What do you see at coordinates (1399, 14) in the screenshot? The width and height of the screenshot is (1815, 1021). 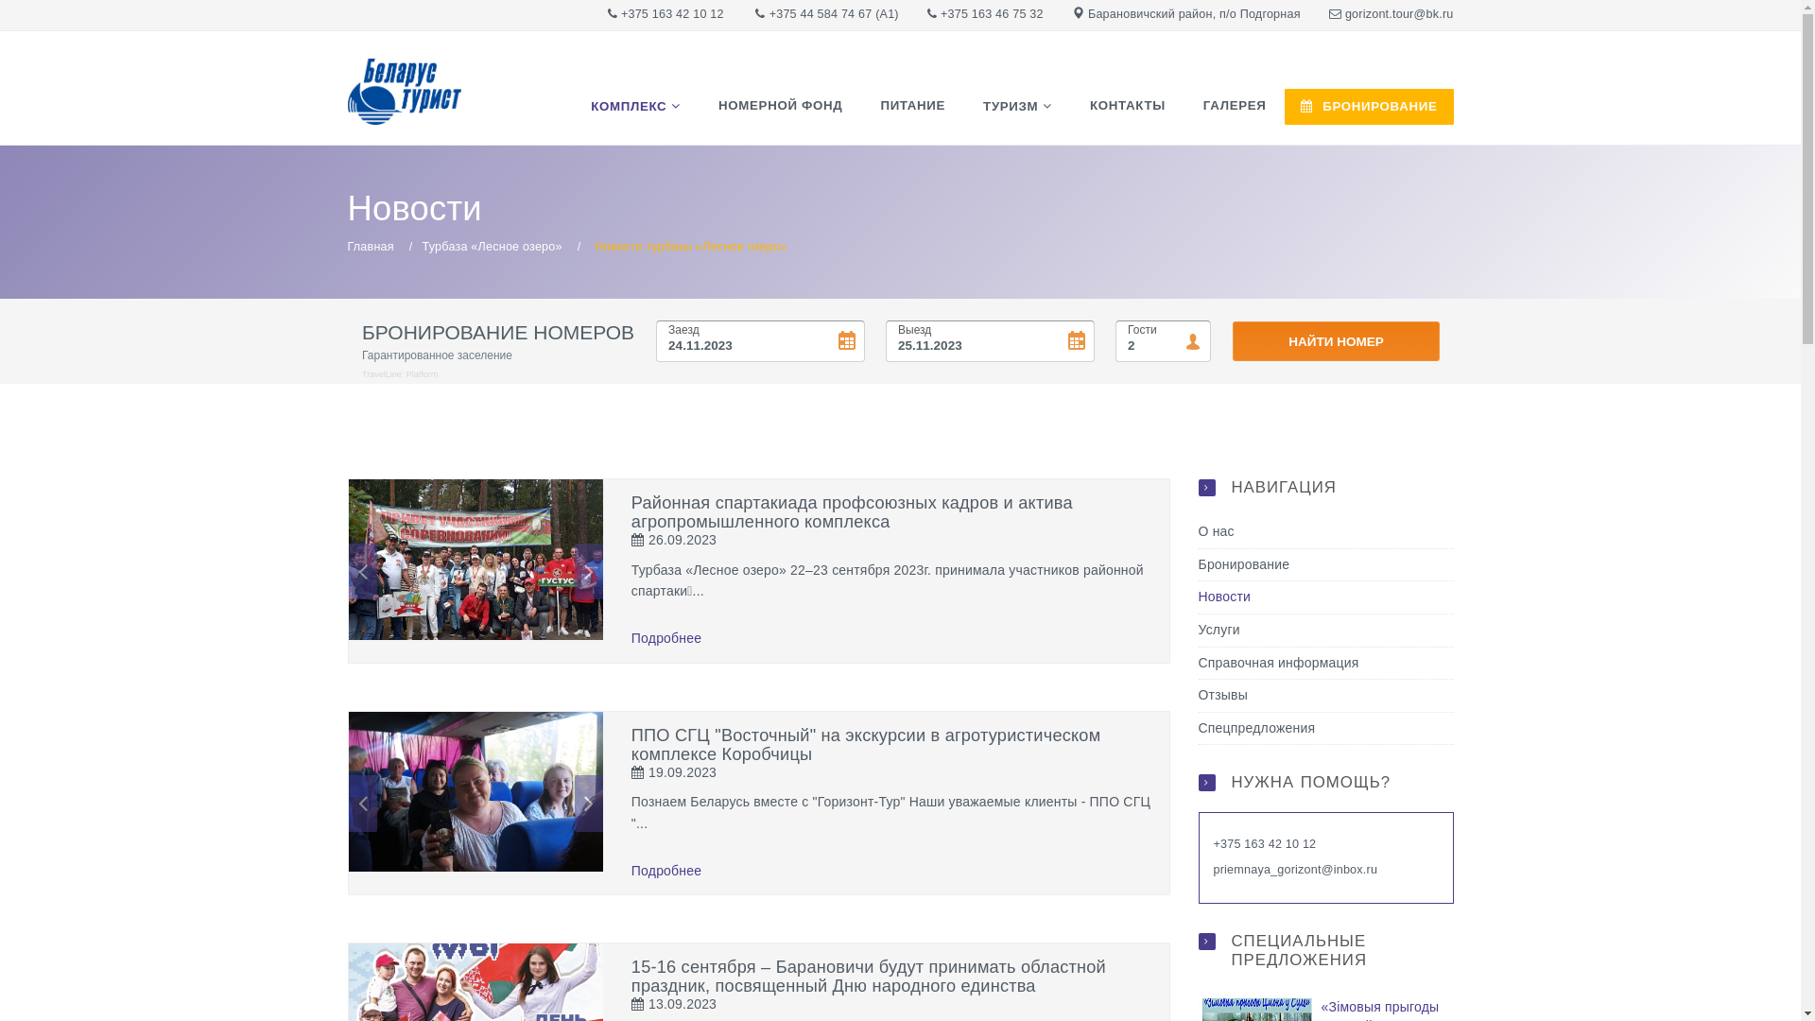 I see `'gorizont.tour@bk.ru'` at bounding box center [1399, 14].